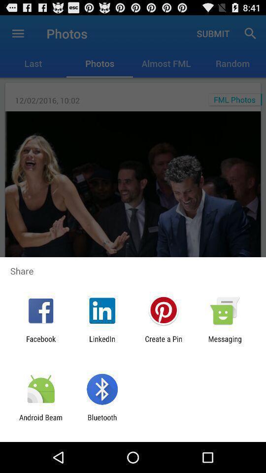 The height and width of the screenshot is (473, 266). Describe the element at coordinates (40, 343) in the screenshot. I see `facebook icon` at that location.